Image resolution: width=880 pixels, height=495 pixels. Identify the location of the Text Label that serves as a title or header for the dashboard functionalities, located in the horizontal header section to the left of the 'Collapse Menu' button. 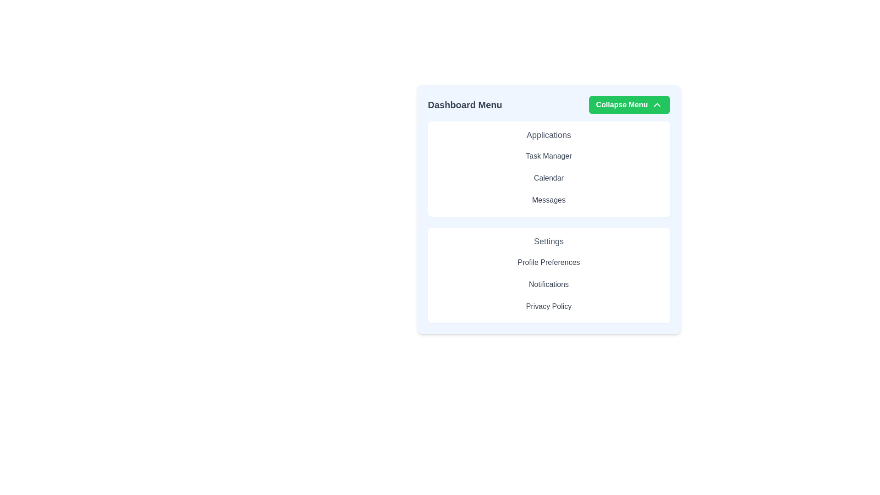
(465, 104).